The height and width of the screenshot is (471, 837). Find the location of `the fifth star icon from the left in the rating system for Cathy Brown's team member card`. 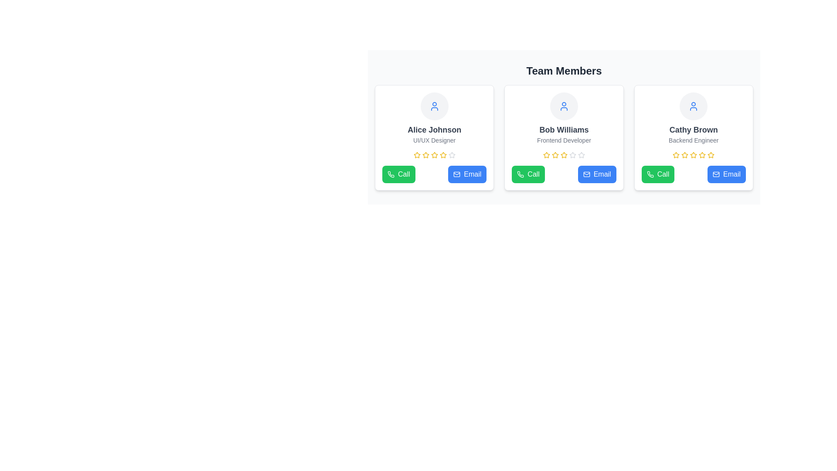

the fifth star icon from the left in the rating system for Cathy Brown's team member card is located at coordinates (711, 154).